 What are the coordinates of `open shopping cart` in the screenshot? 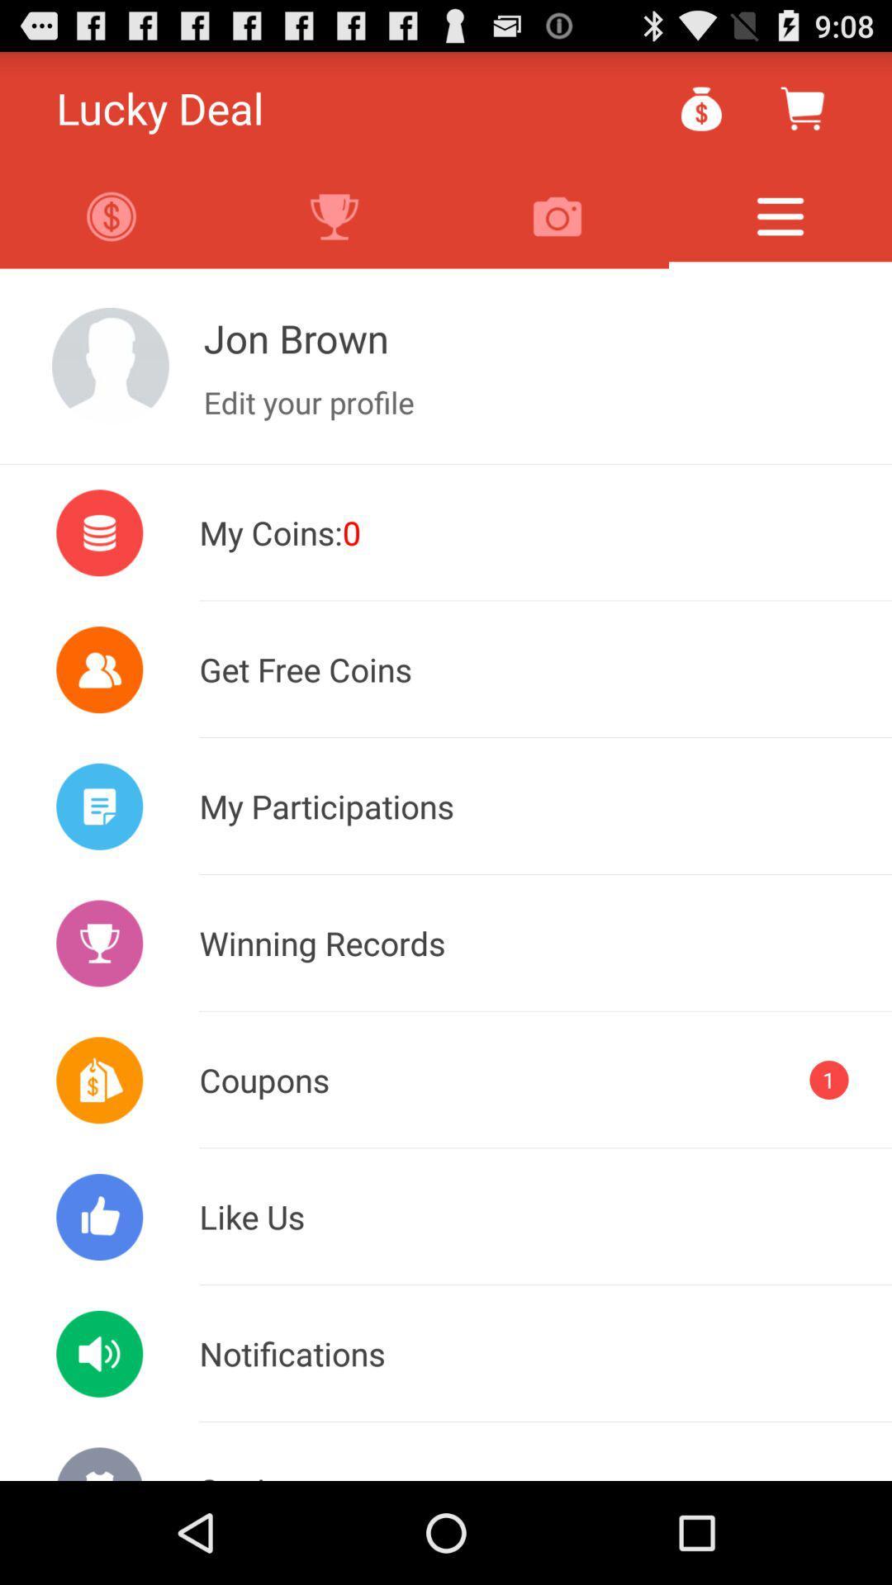 It's located at (801, 107).